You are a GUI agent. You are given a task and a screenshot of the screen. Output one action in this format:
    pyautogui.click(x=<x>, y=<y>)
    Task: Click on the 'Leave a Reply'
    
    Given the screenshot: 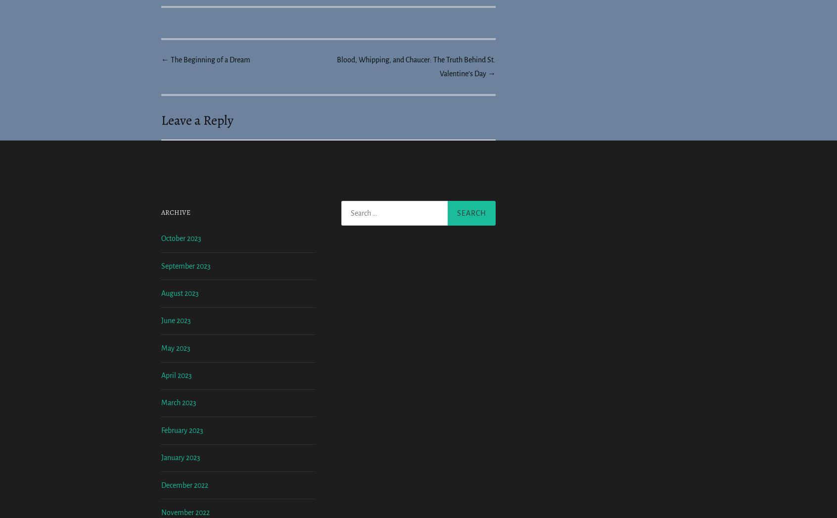 What is the action you would take?
    pyautogui.click(x=197, y=120)
    